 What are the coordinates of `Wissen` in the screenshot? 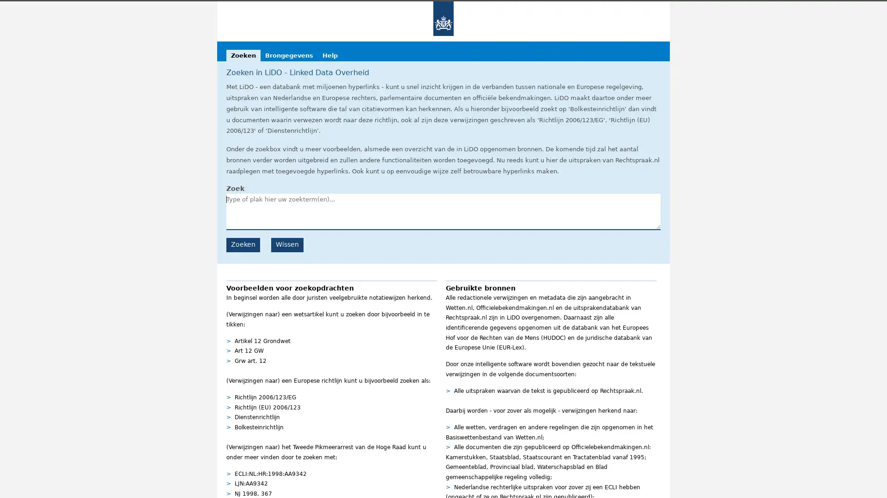 It's located at (287, 244).